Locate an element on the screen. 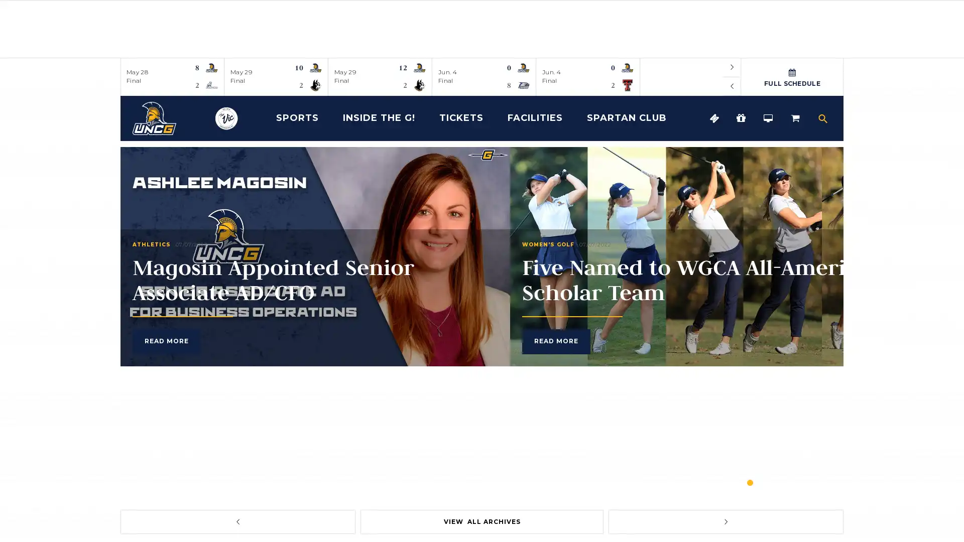 The width and height of the screenshot is (964, 542). Navigate to slide 4 is located at coordinates (804, 482).